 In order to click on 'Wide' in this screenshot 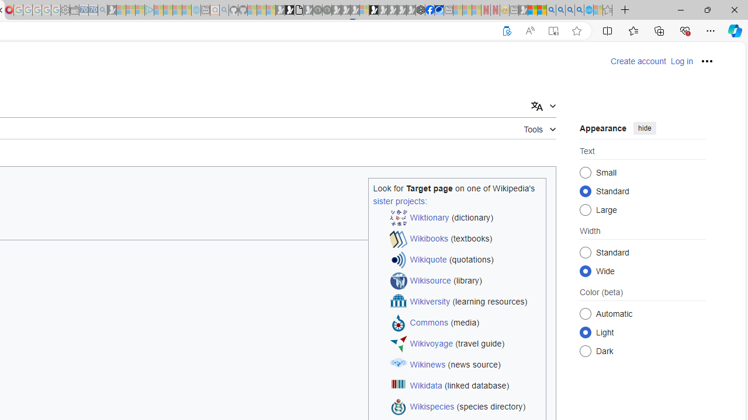, I will do `click(586, 271)`.